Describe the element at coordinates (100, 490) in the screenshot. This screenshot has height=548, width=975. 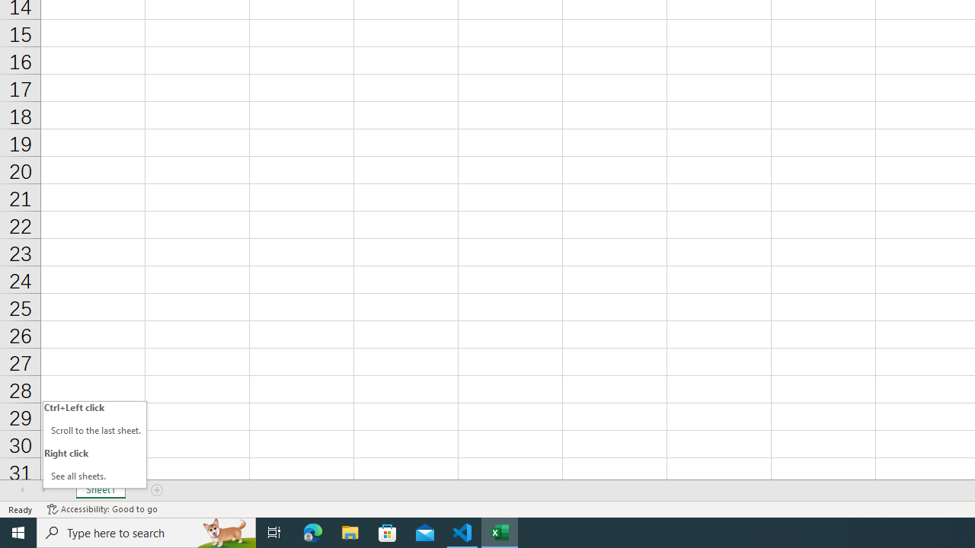
I see `'Sheet1'` at that location.